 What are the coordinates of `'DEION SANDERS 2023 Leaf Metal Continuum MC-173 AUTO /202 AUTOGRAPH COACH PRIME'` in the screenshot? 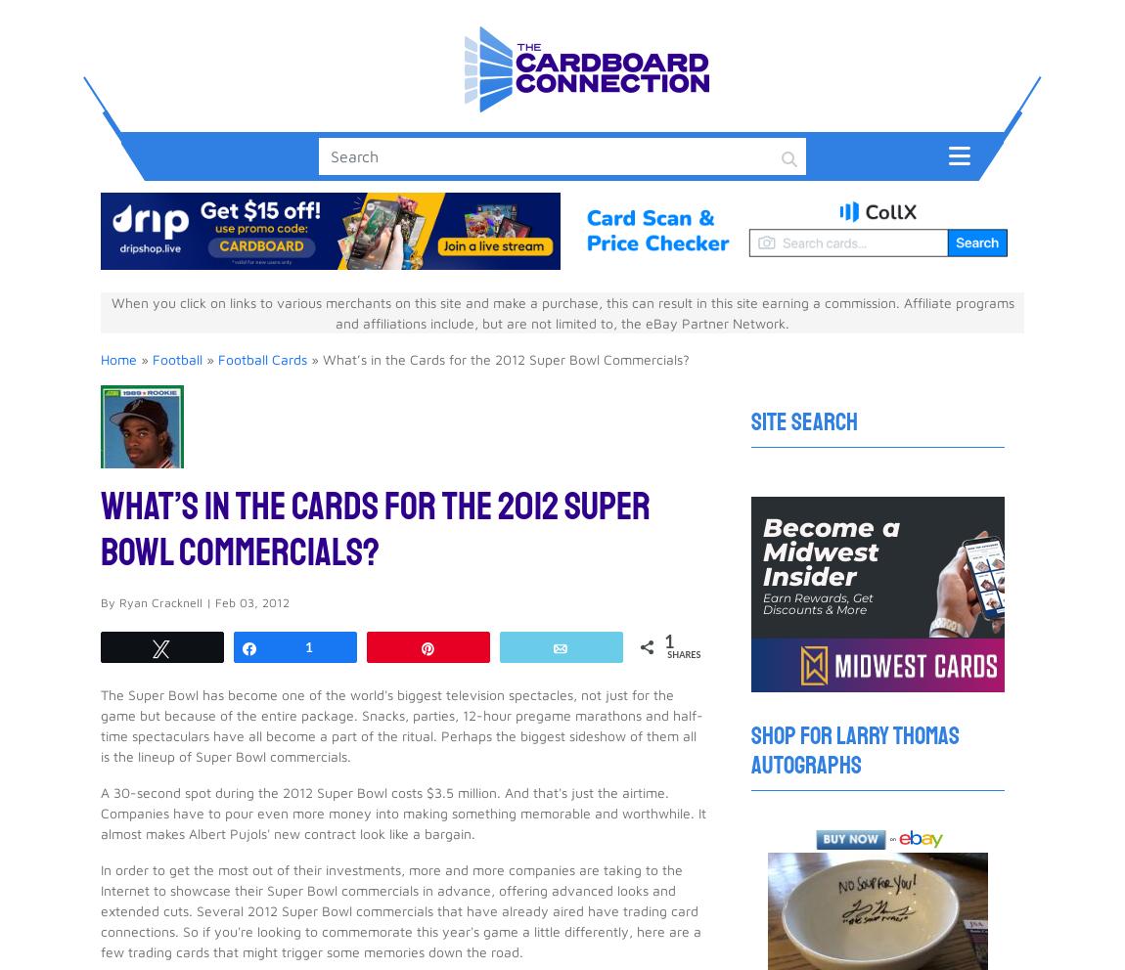 It's located at (174, 491).